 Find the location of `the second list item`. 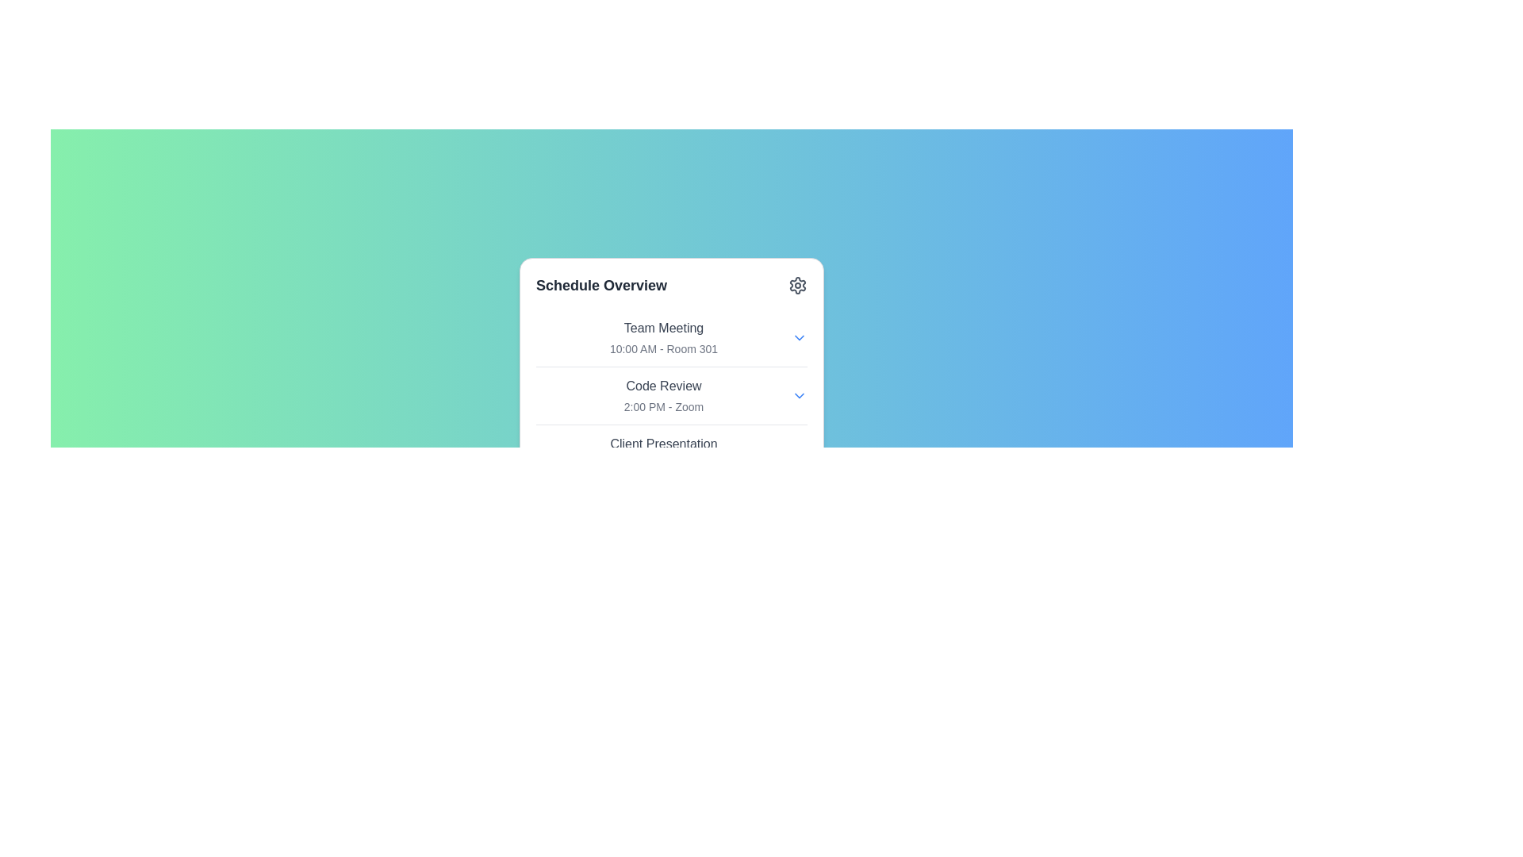

the second list item is located at coordinates (671, 394).